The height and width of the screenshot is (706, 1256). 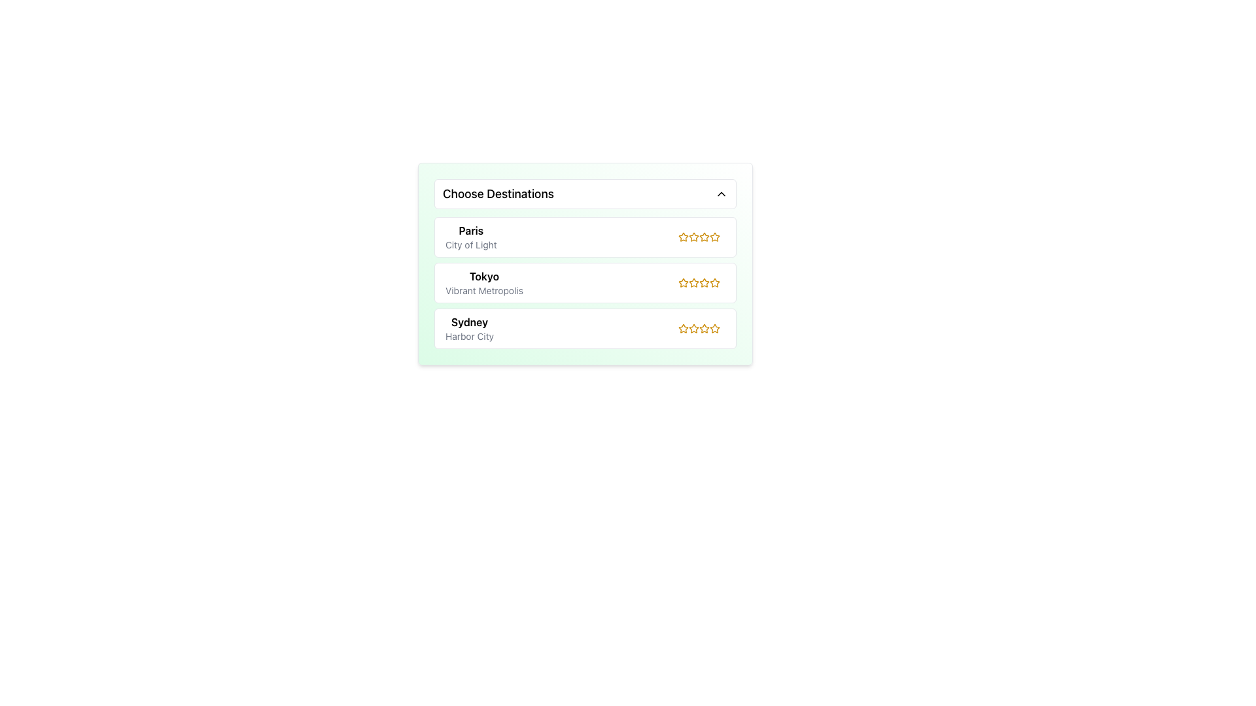 What do you see at coordinates (683, 328) in the screenshot?
I see `the leftmost rating star for 'Sydney'` at bounding box center [683, 328].